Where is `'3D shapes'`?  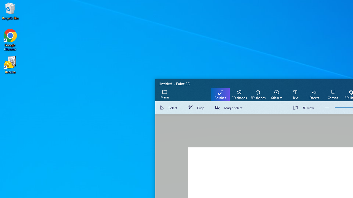 '3D shapes' is located at coordinates (258, 94).